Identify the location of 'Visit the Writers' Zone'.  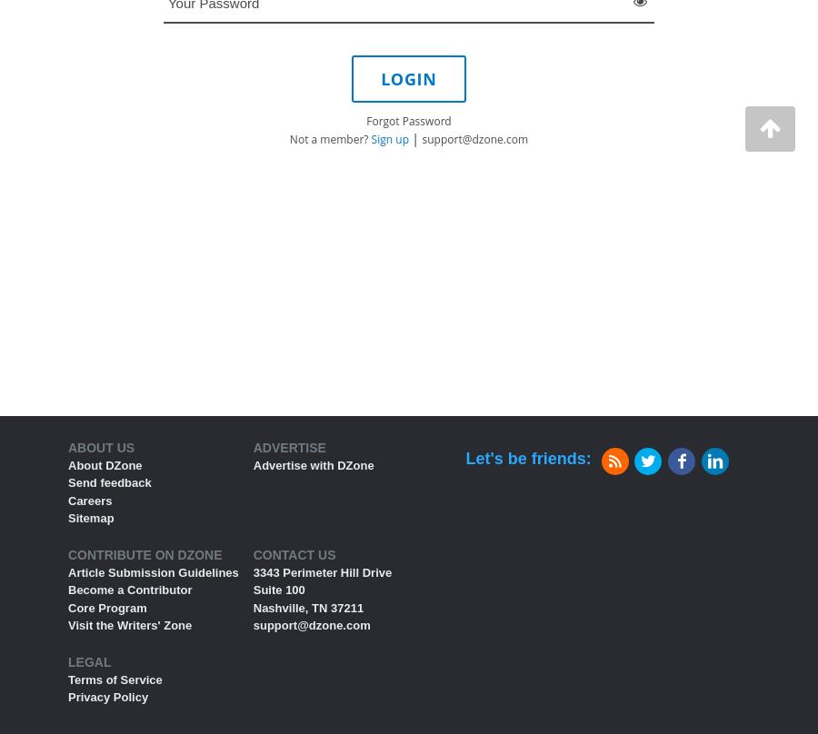
(66, 625).